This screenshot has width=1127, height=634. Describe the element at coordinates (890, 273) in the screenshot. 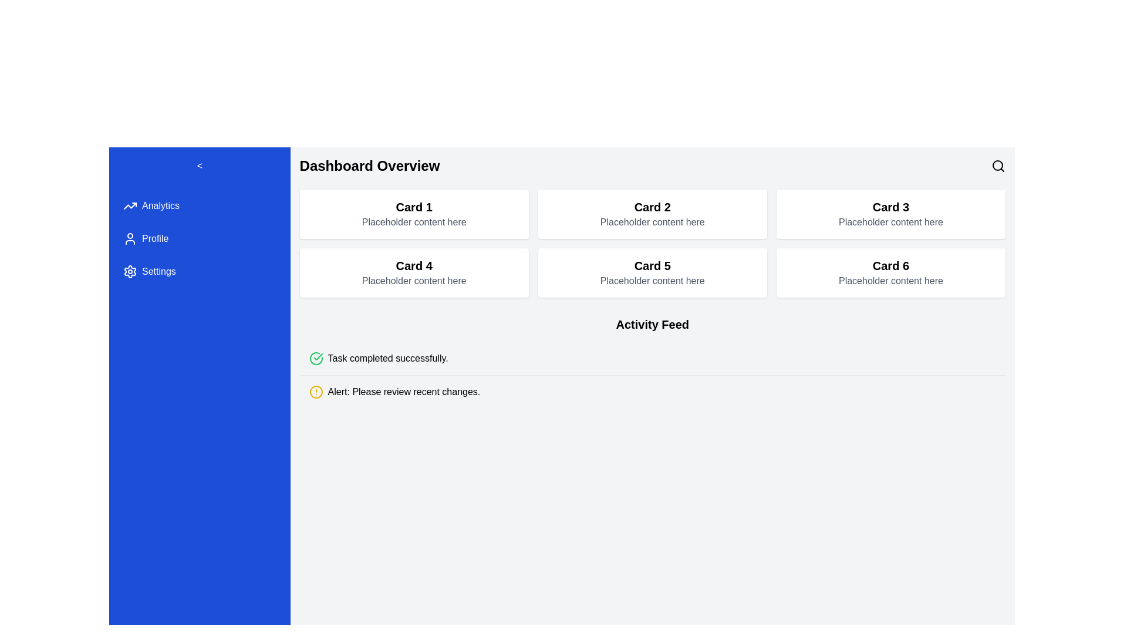

I see `the informational card element labeled 'Card 6' located in the bottom-right corner of the grid layout` at that location.